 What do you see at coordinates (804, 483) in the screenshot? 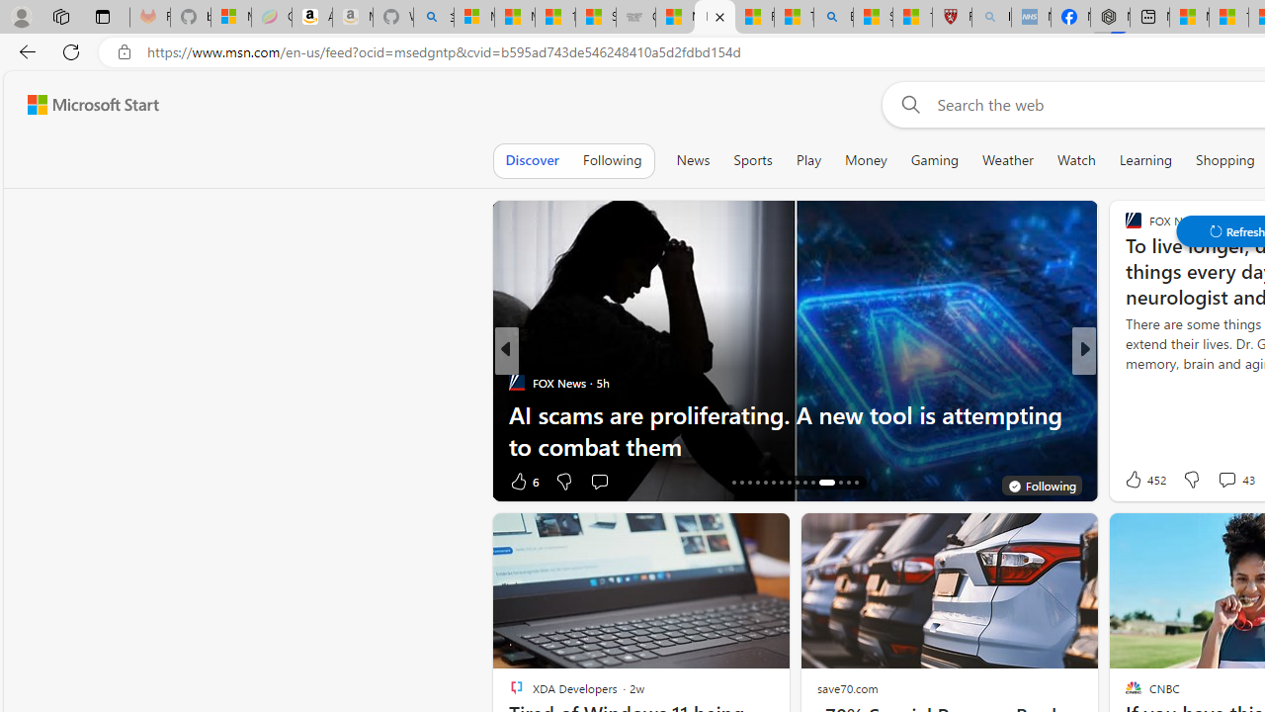
I see `'AutomationID: tab-25'` at bounding box center [804, 483].